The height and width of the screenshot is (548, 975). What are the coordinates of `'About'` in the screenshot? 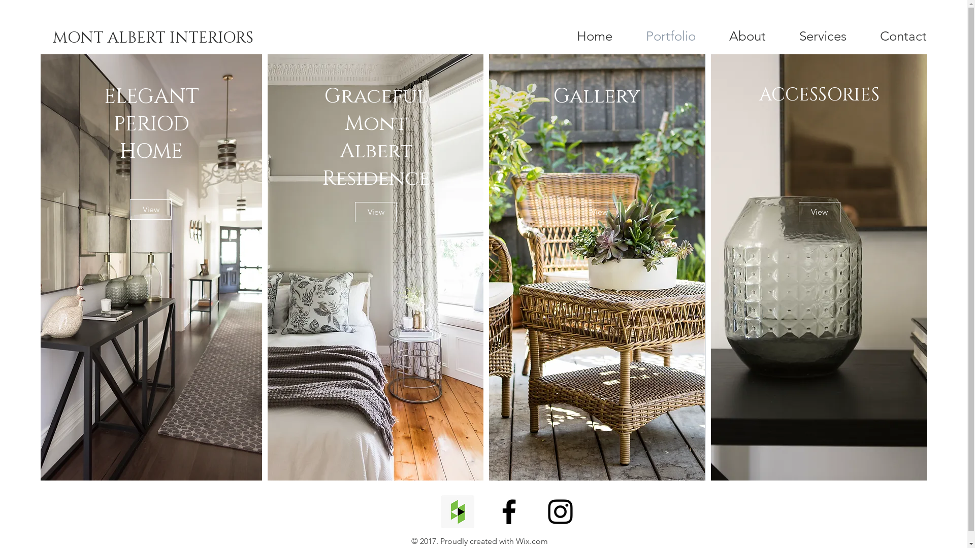 It's located at (747, 36).